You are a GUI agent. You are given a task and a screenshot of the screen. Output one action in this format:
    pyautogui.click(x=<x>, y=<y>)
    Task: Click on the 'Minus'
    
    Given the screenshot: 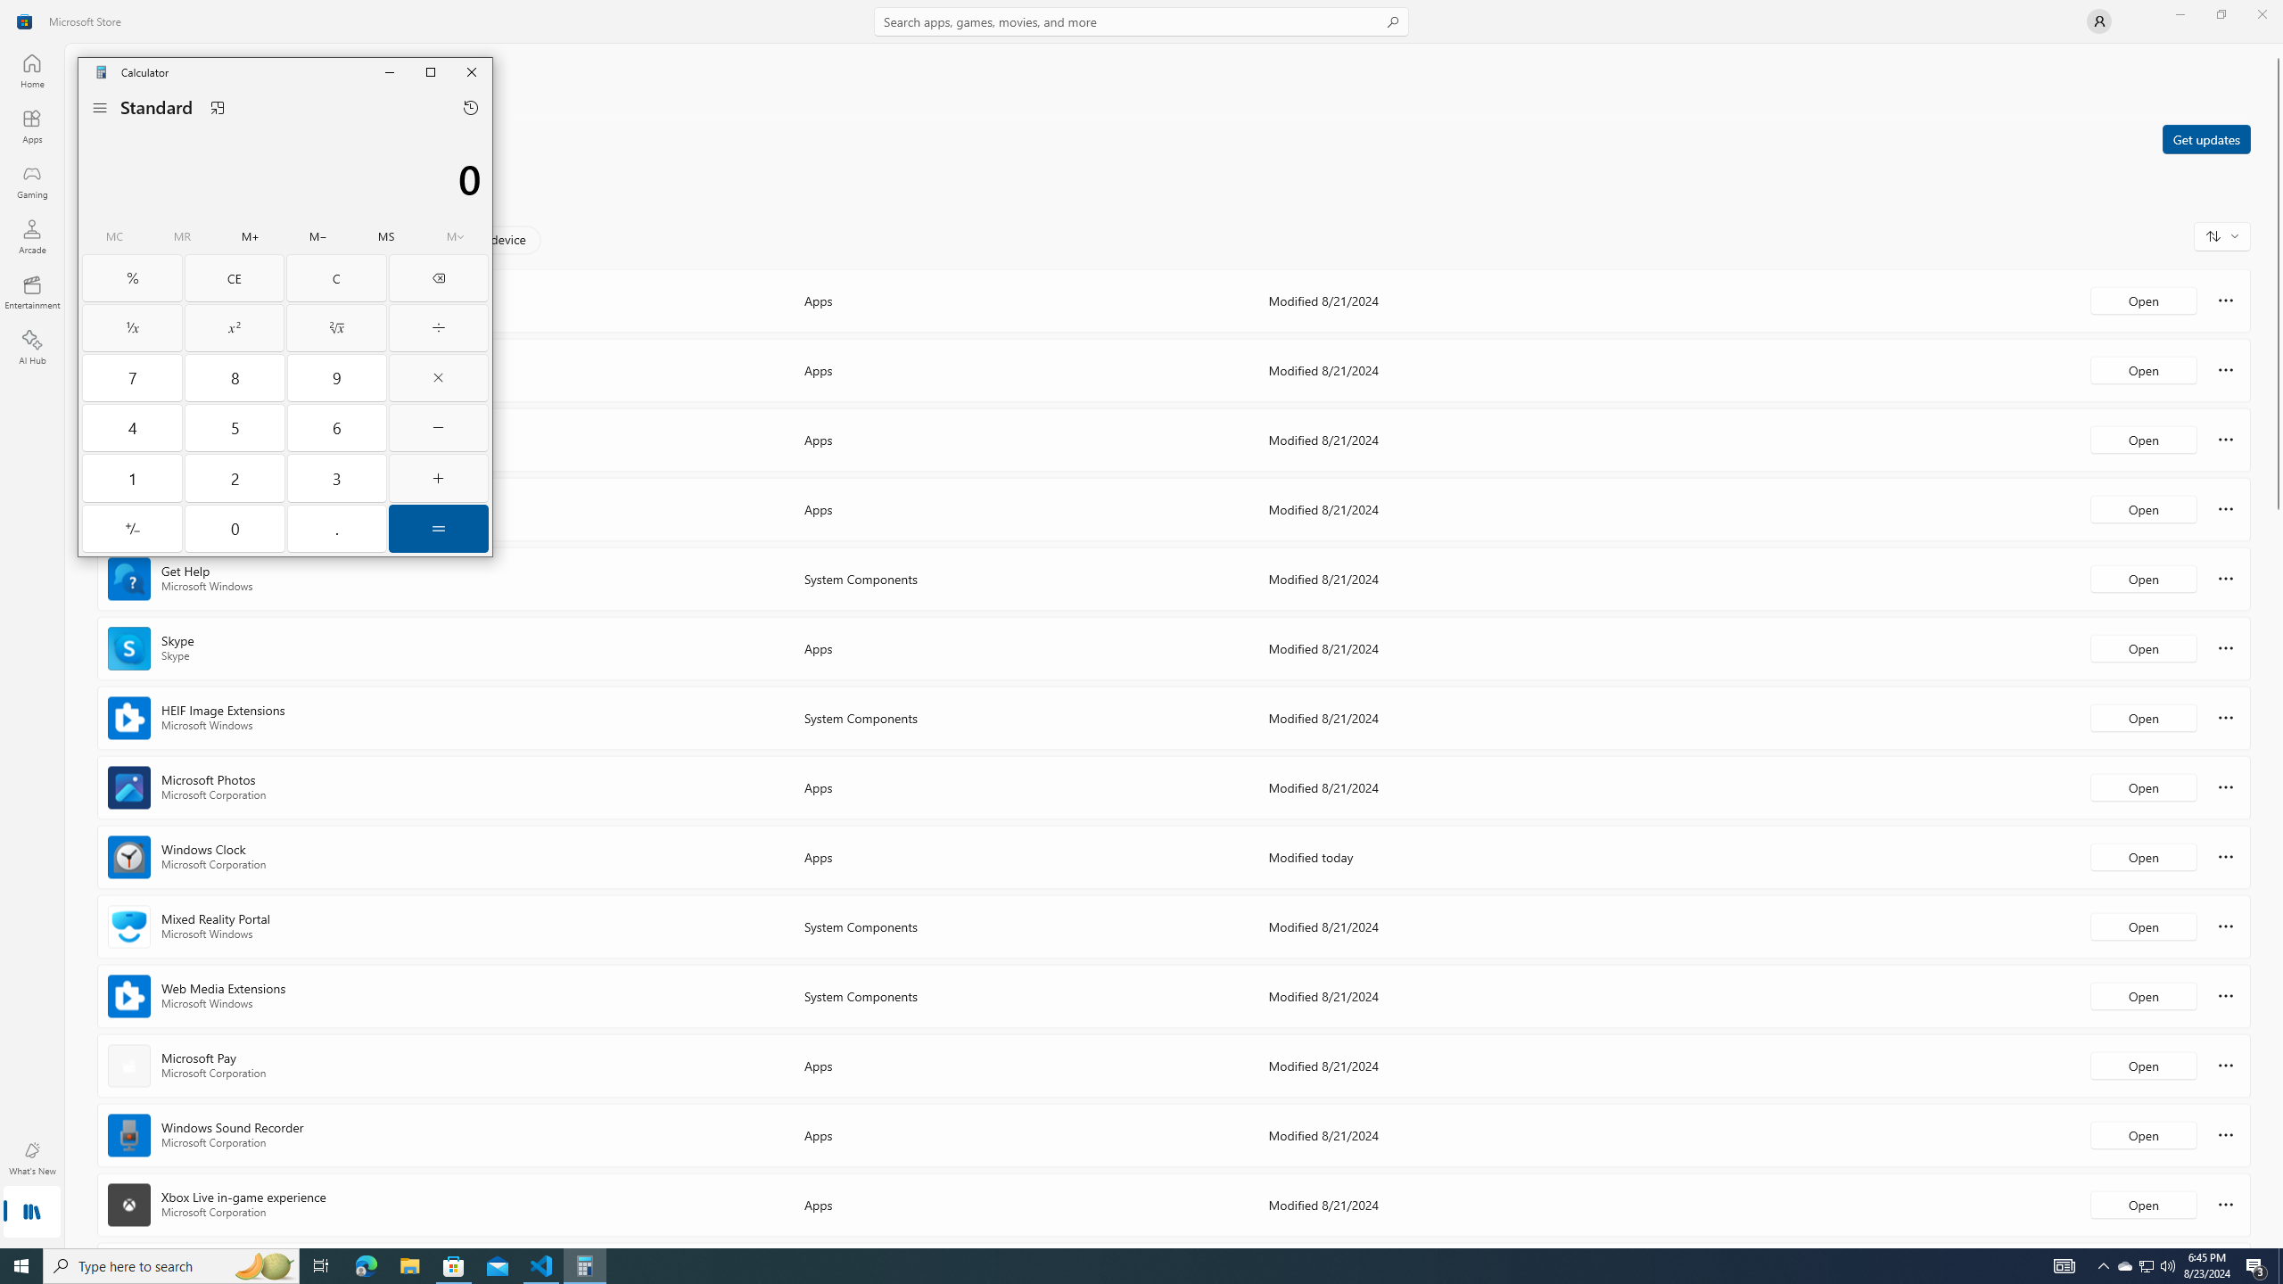 What is the action you would take?
    pyautogui.click(x=437, y=427)
    